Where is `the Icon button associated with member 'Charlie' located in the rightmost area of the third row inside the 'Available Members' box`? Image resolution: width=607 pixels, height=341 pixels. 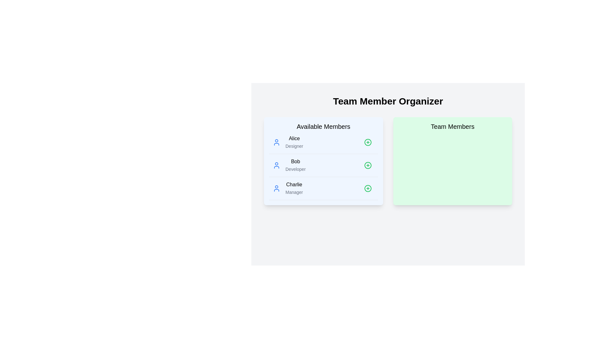
the Icon button associated with member 'Charlie' located in the rightmost area of the third row inside the 'Available Members' box is located at coordinates (368, 188).